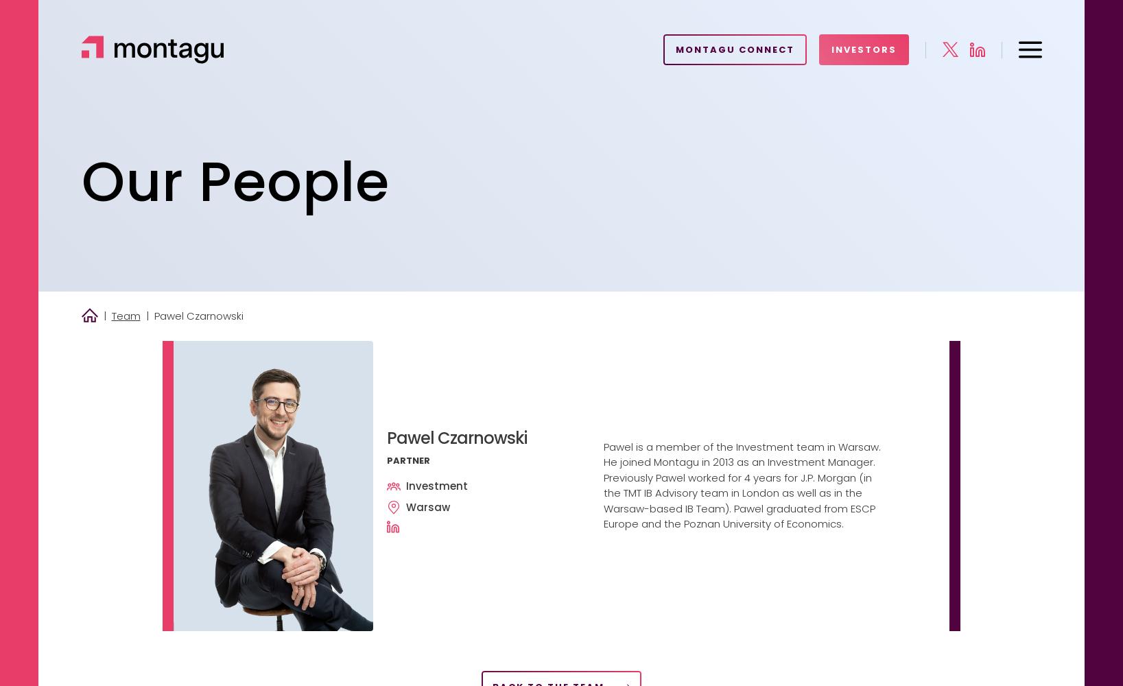  Describe the element at coordinates (733, 49) in the screenshot. I see `'Montagu Connect'` at that location.